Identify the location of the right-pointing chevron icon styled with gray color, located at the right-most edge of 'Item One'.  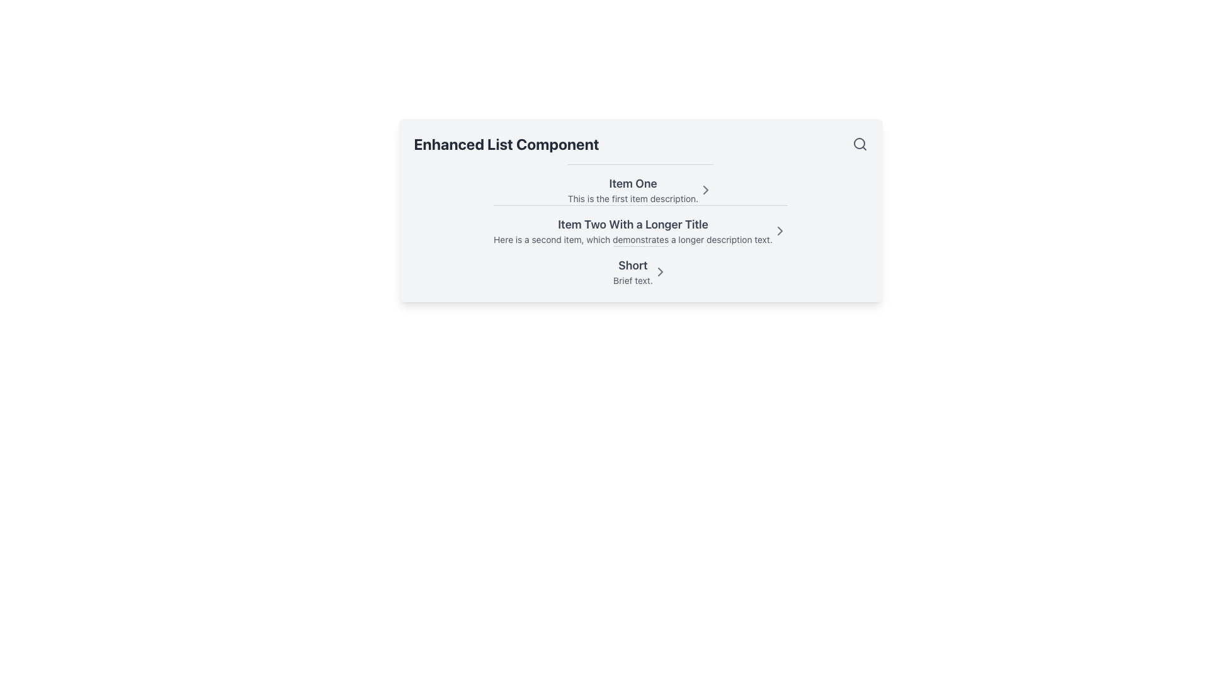
(706, 190).